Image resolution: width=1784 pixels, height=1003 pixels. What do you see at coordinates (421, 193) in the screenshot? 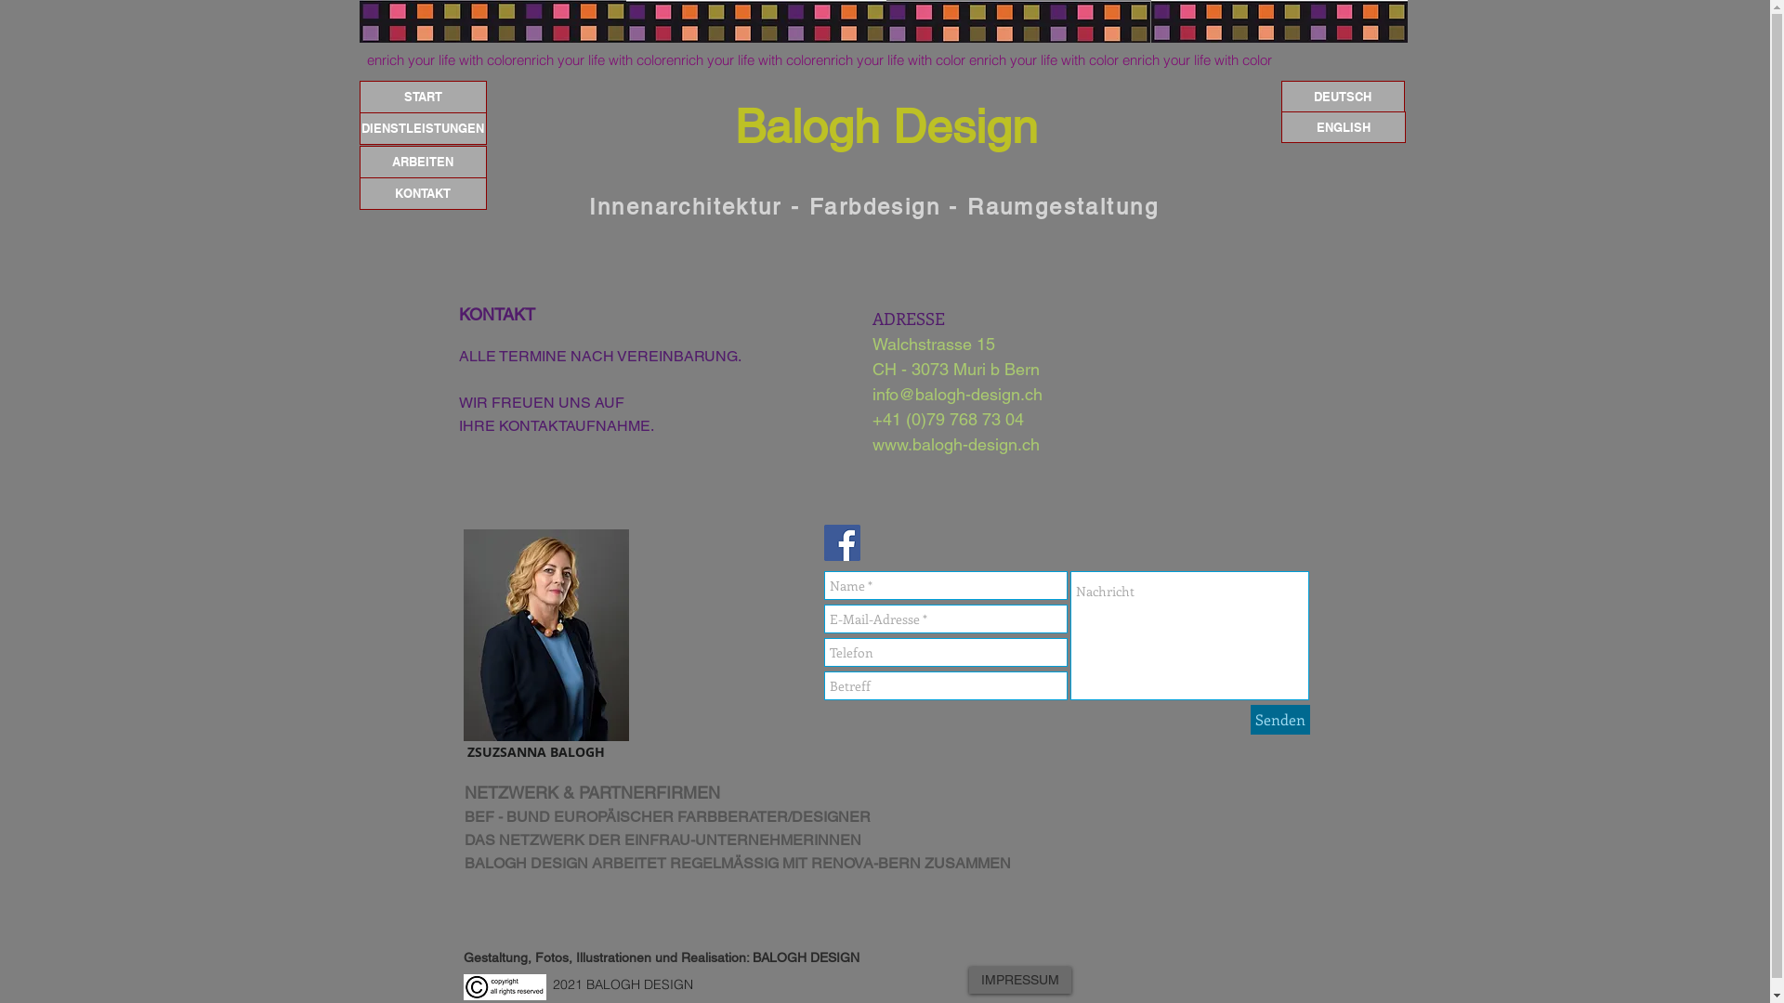
I see `'KONTAKT'` at bounding box center [421, 193].